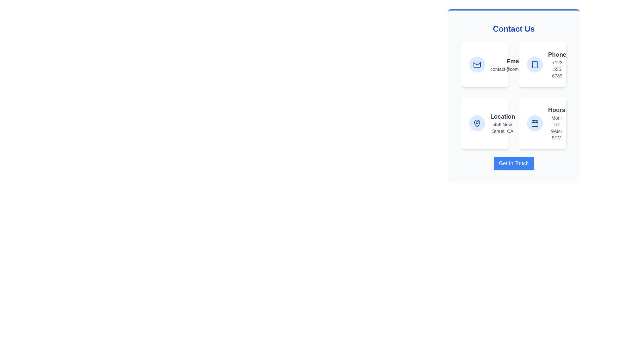 The image size is (634, 356). Describe the element at coordinates (514, 69) in the screenshot. I see `the email address 'contact@company.com' displayed in the top-left section of the contact information card to copy it` at that location.